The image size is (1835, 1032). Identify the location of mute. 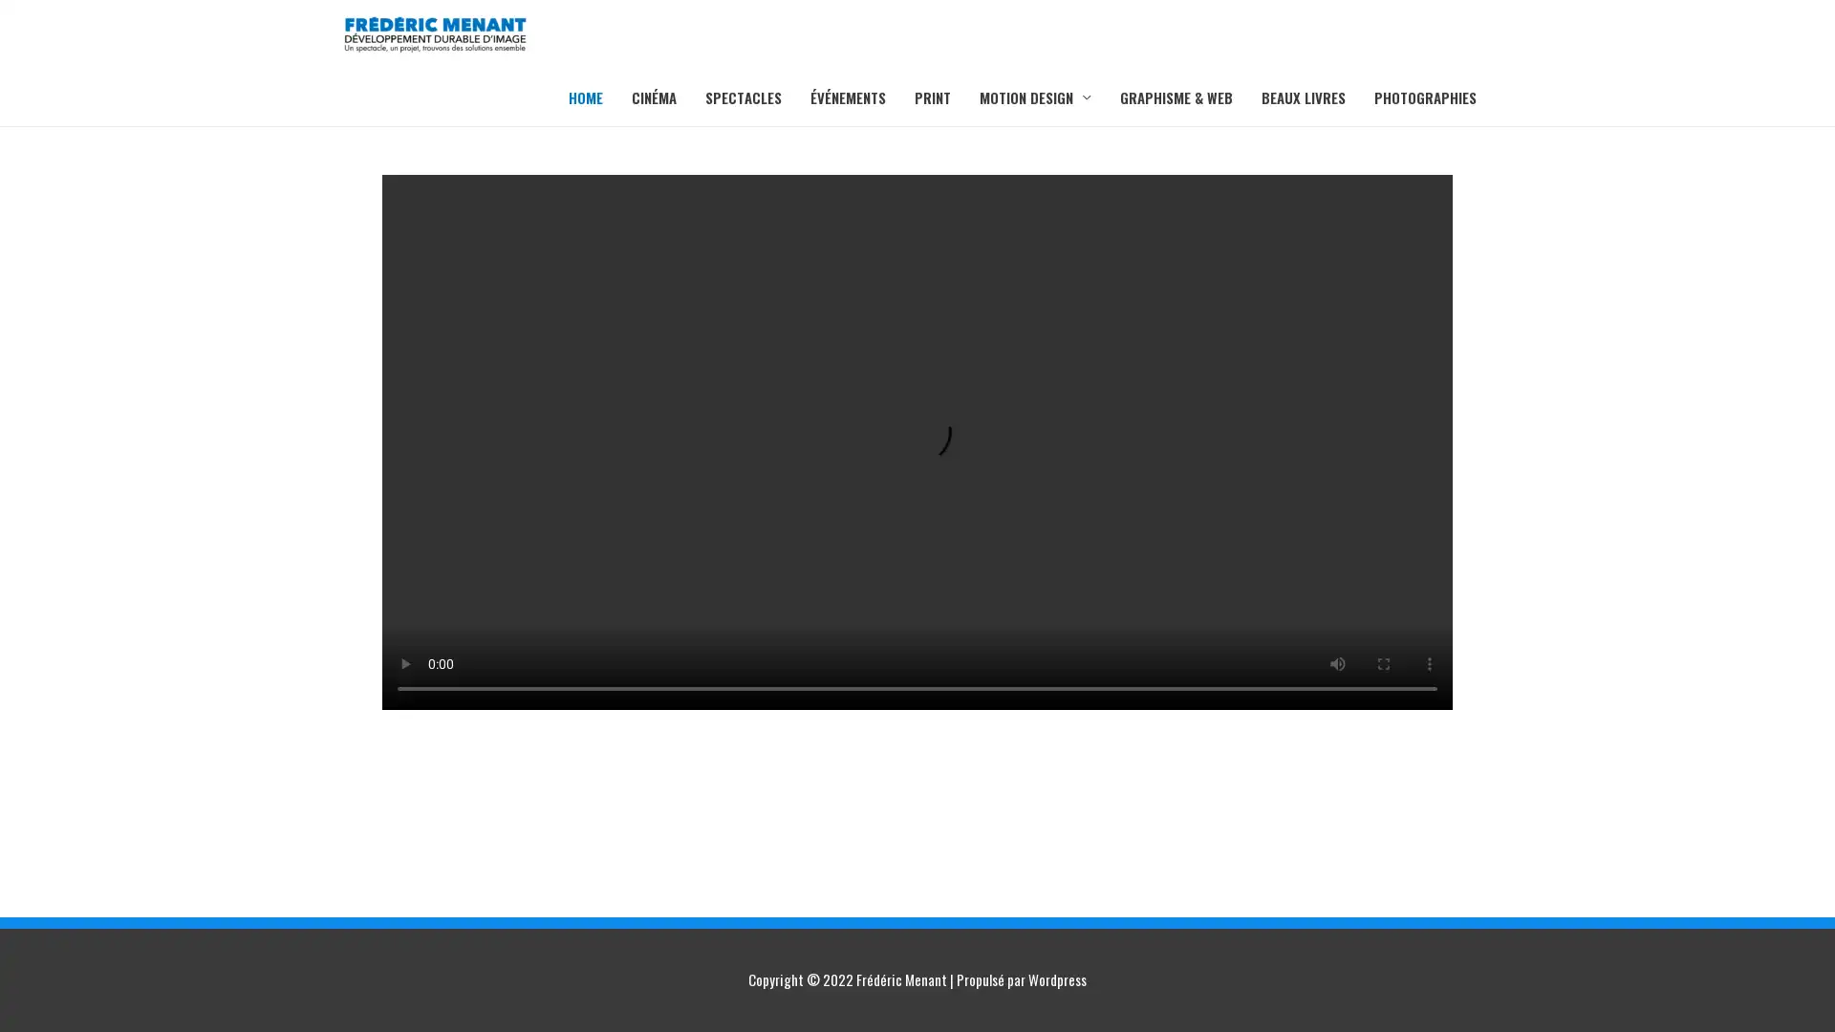
(1337, 662).